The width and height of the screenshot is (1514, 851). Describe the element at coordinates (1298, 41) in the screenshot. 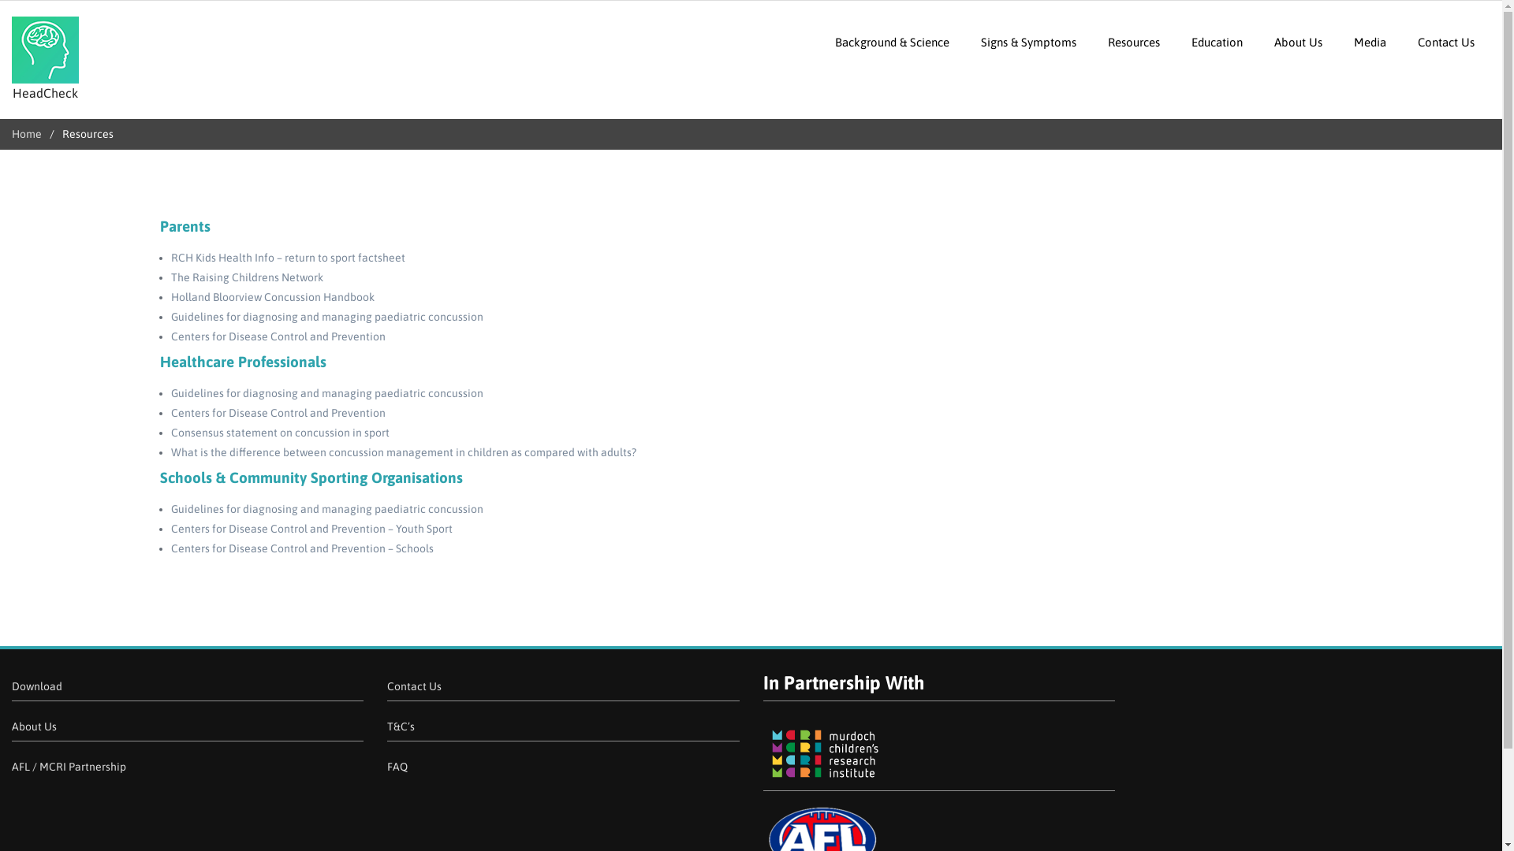

I see `'About Us'` at that location.